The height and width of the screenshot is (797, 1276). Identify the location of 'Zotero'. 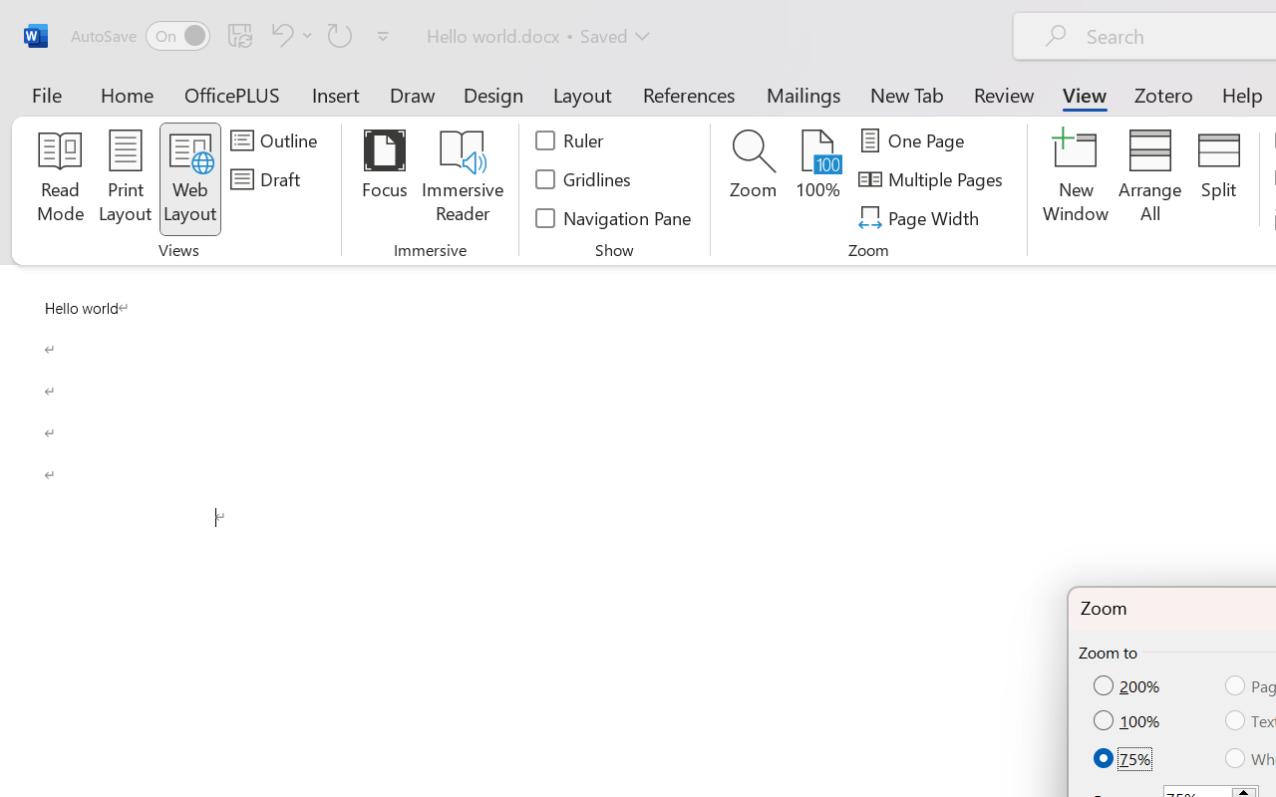
(1163, 94).